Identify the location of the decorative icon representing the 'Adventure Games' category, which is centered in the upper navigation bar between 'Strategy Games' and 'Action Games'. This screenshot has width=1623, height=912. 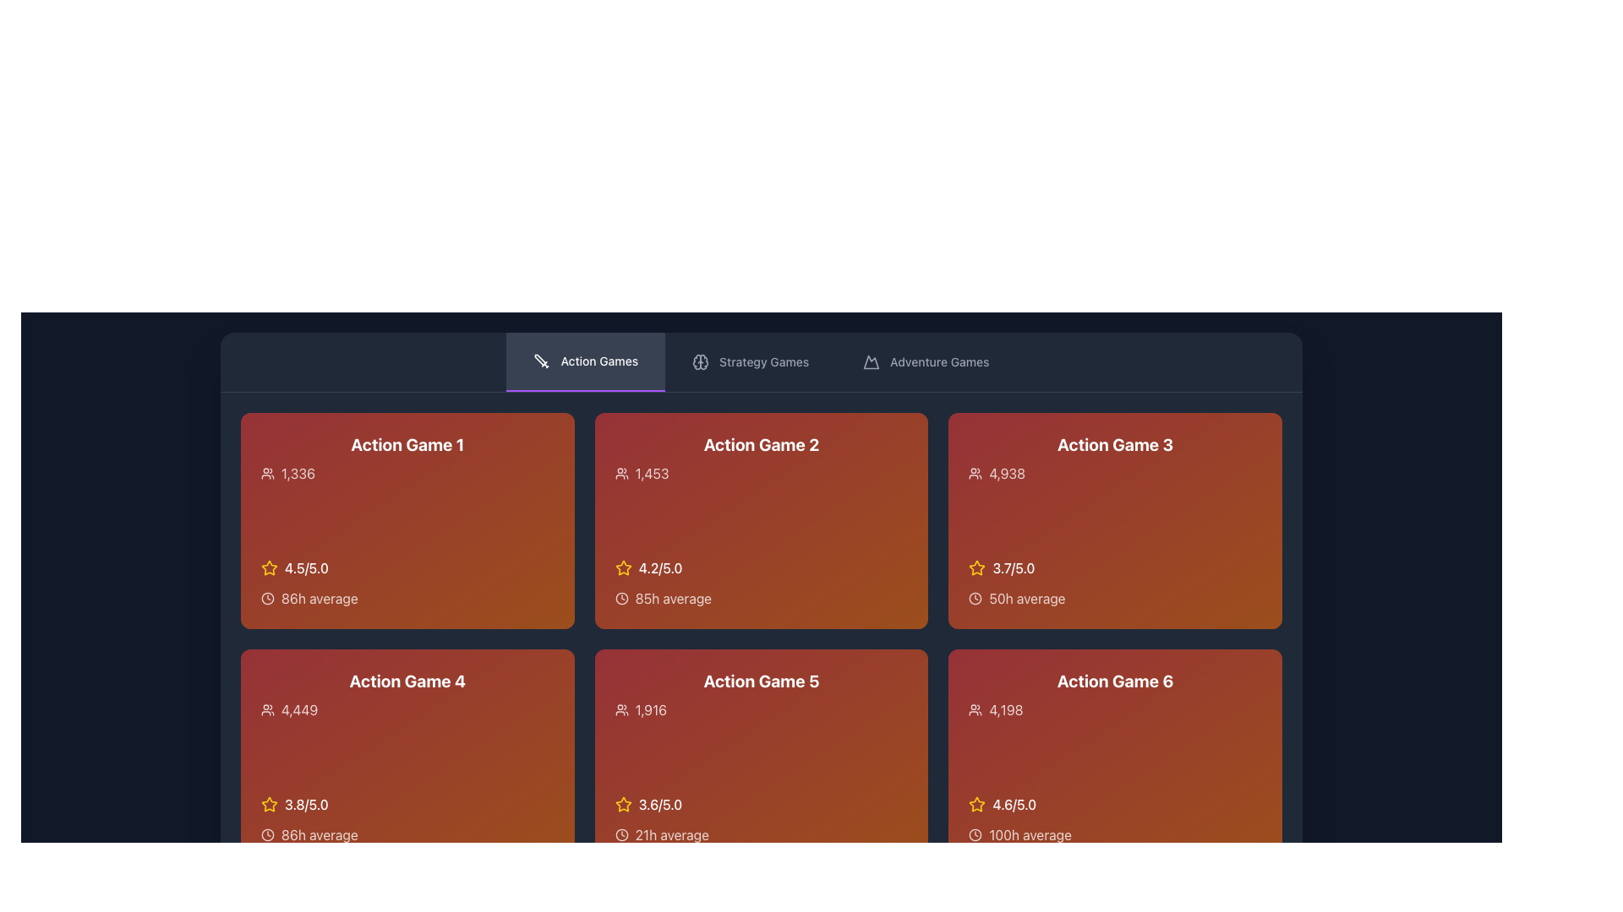
(872, 361).